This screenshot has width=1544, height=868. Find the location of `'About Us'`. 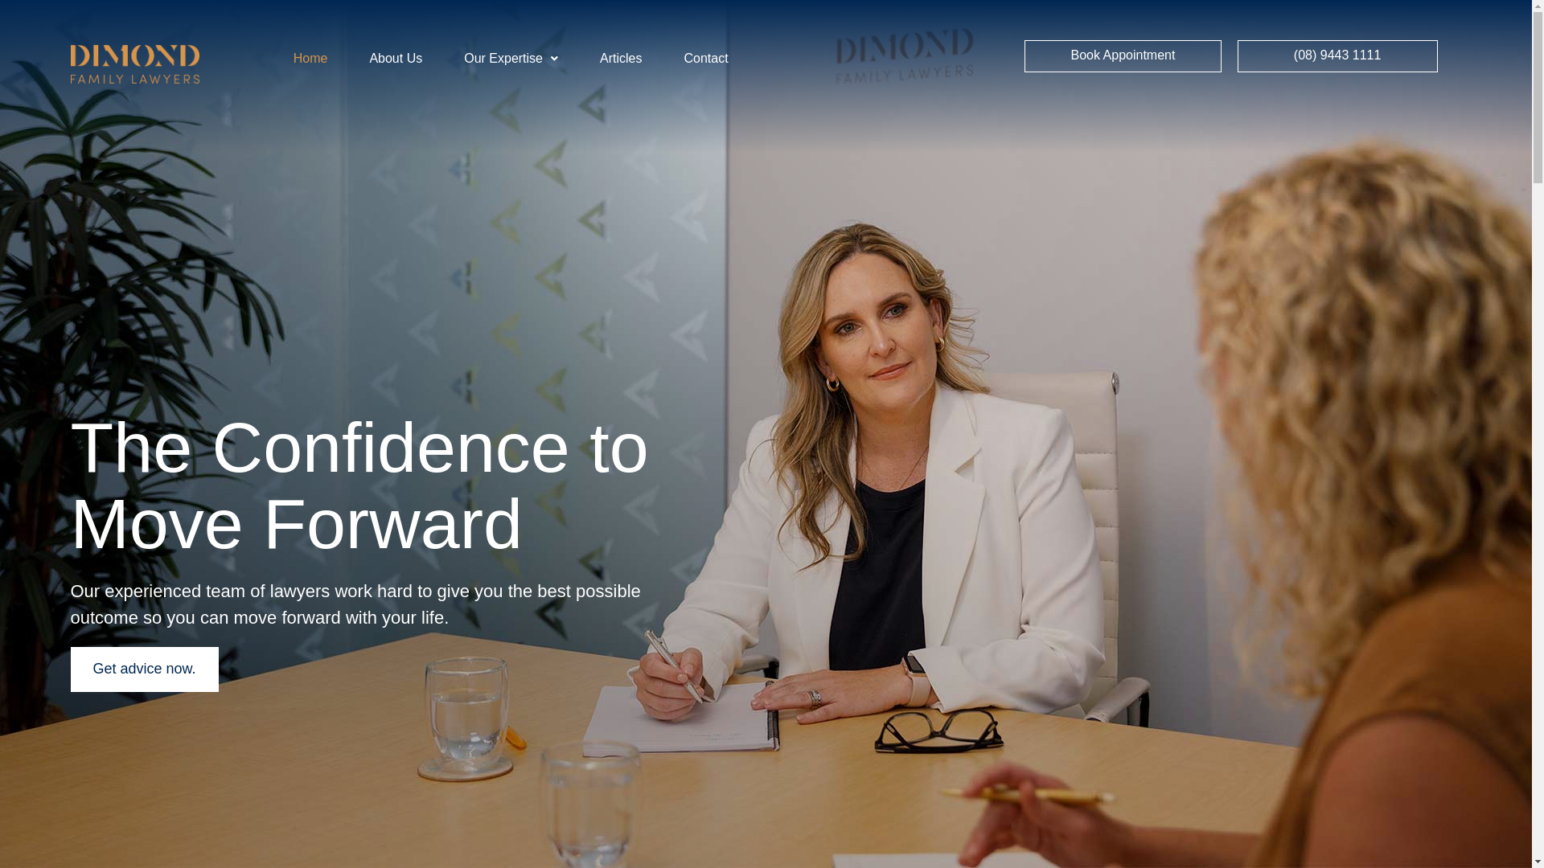

'About Us' is located at coordinates (395, 58).